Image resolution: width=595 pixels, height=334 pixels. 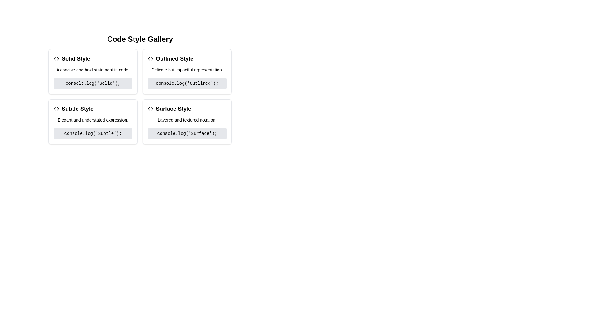 I want to click on the Iconography element which visually conveys navigation or direction, located in front of the 'Surface Style' label in the bottom right quadrant of the layout, so click(x=149, y=108).